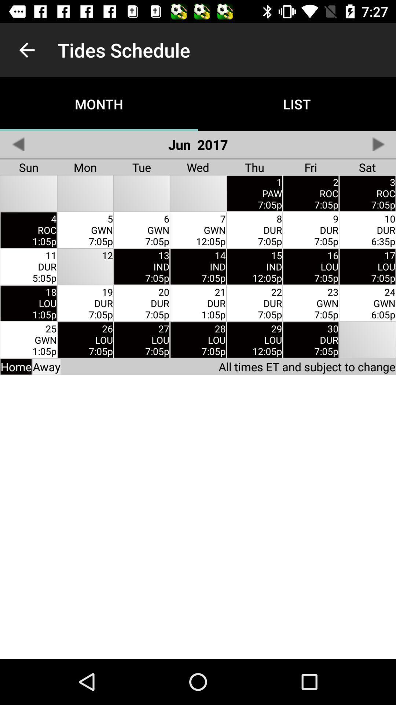 The width and height of the screenshot is (396, 705). I want to click on go back, so click(18, 144).